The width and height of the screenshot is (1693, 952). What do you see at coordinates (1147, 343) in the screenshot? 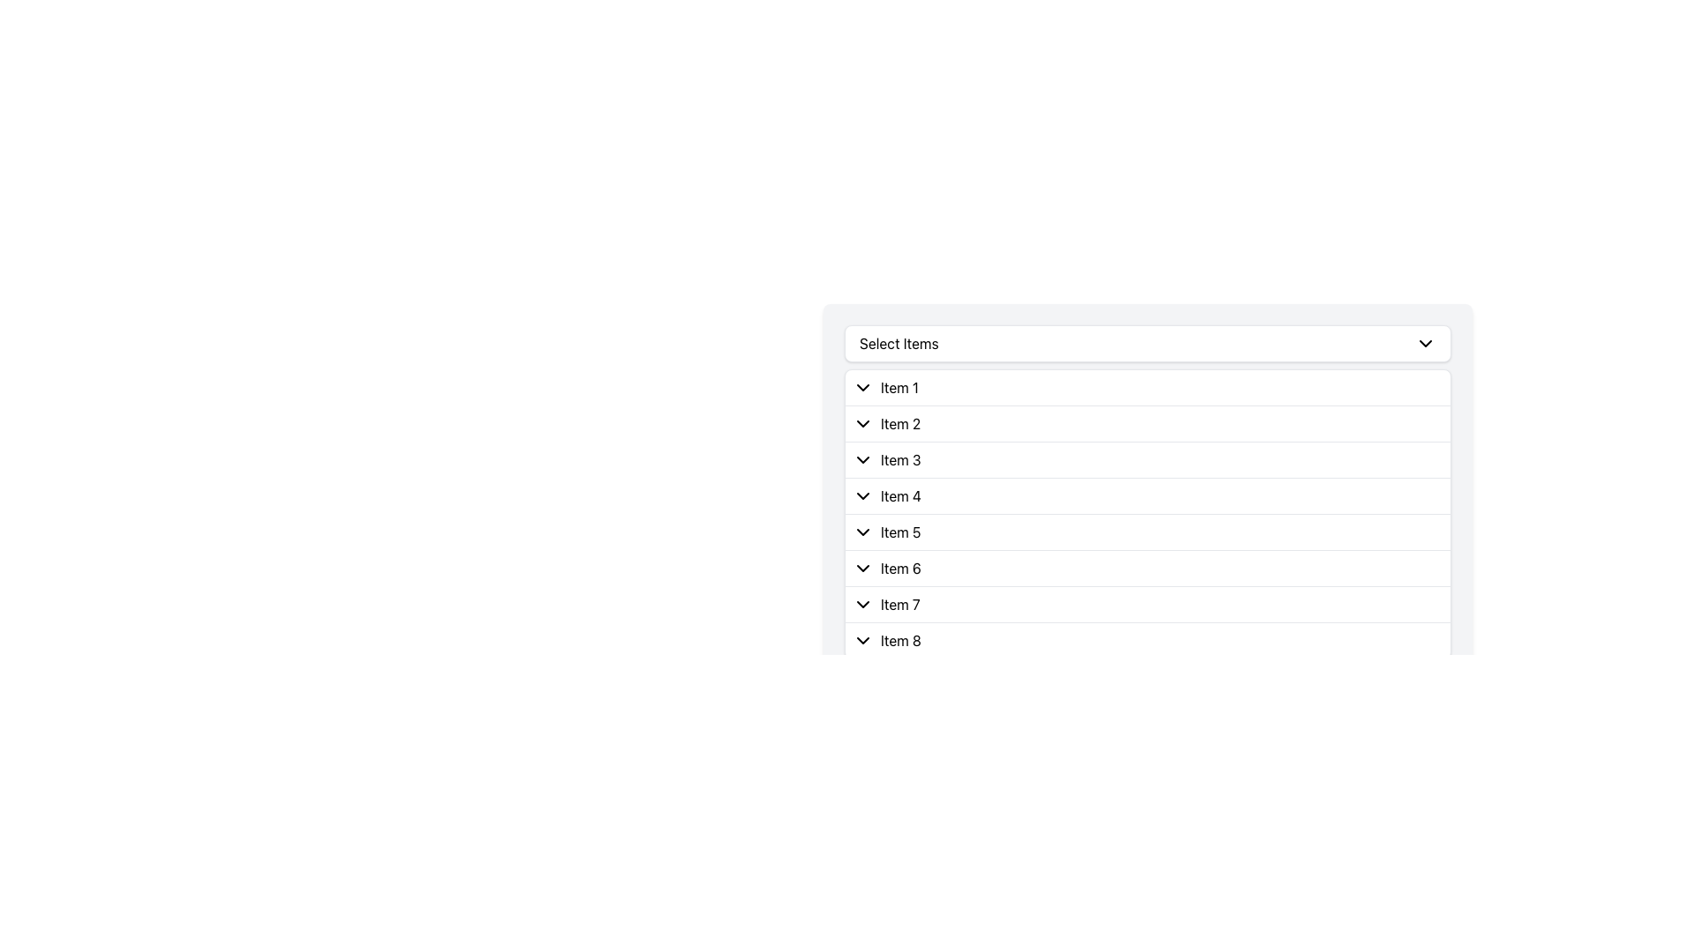
I see `the Dropdown menu trigger` at bounding box center [1147, 343].